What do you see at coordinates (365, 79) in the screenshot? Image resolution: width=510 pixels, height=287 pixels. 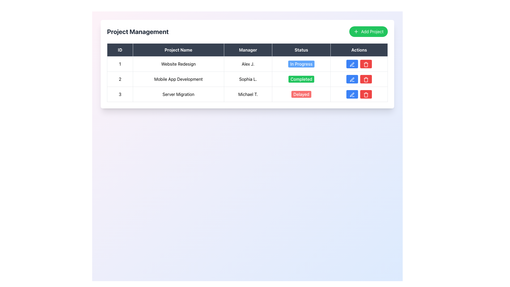 I see `the red button with a trash can icon in the third row of the 'Actions' column` at bounding box center [365, 79].